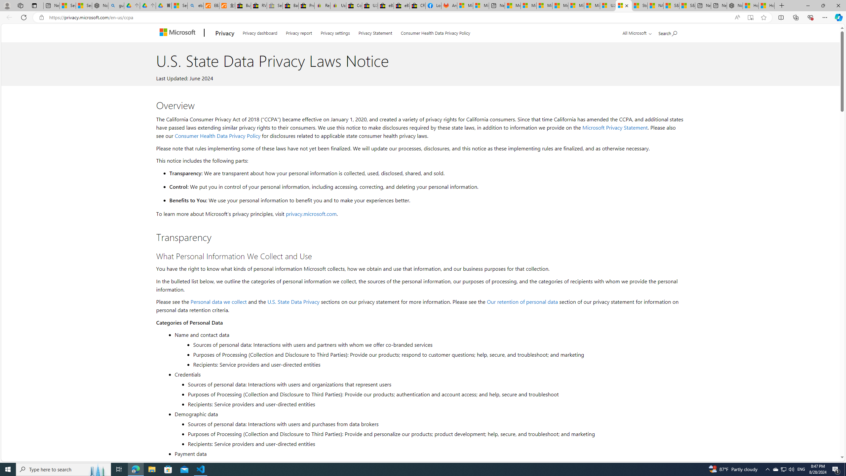  What do you see at coordinates (375, 31) in the screenshot?
I see `'Privacy Statement'` at bounding box center [375, 31].